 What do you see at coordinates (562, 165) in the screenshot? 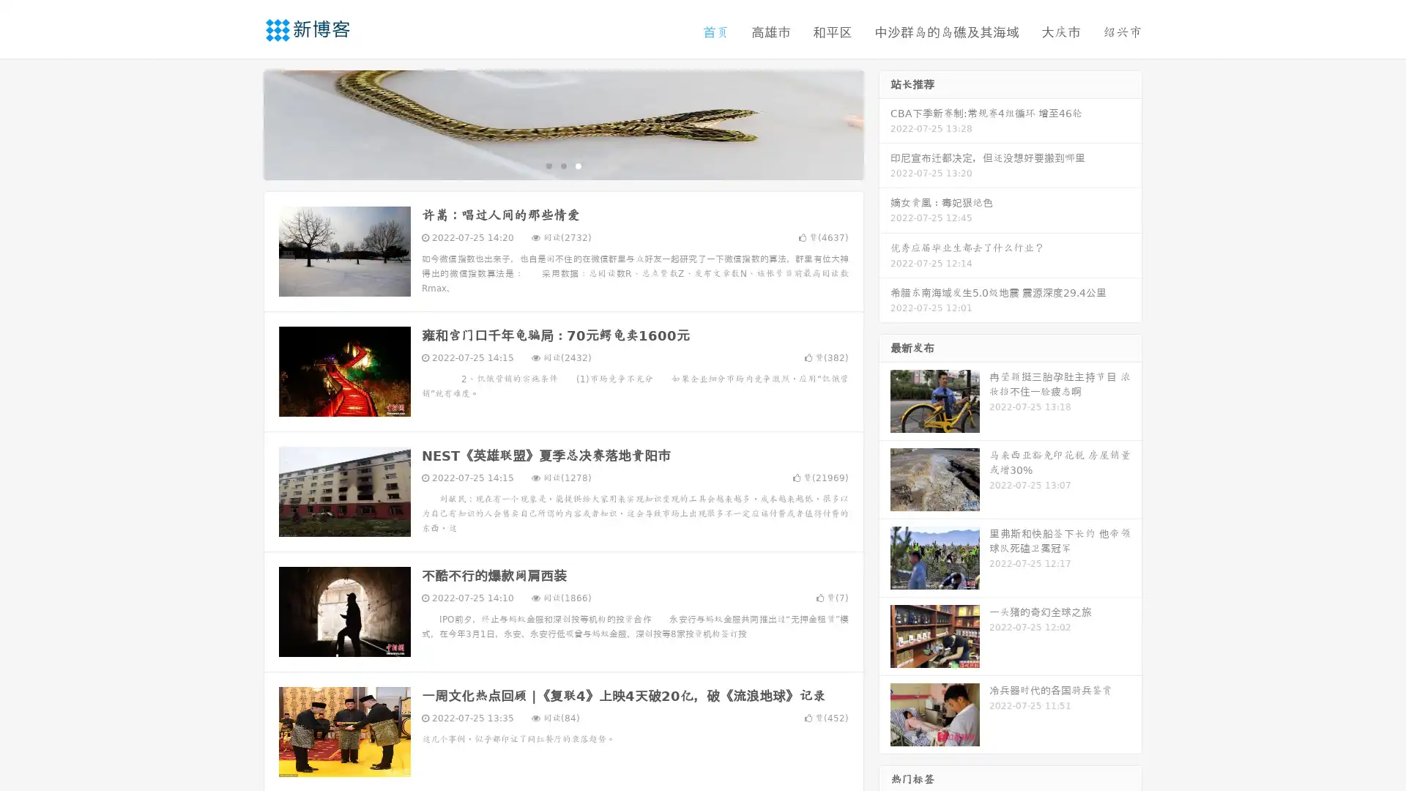
I see `Go to slide 2` at bounding box center [562, 165].